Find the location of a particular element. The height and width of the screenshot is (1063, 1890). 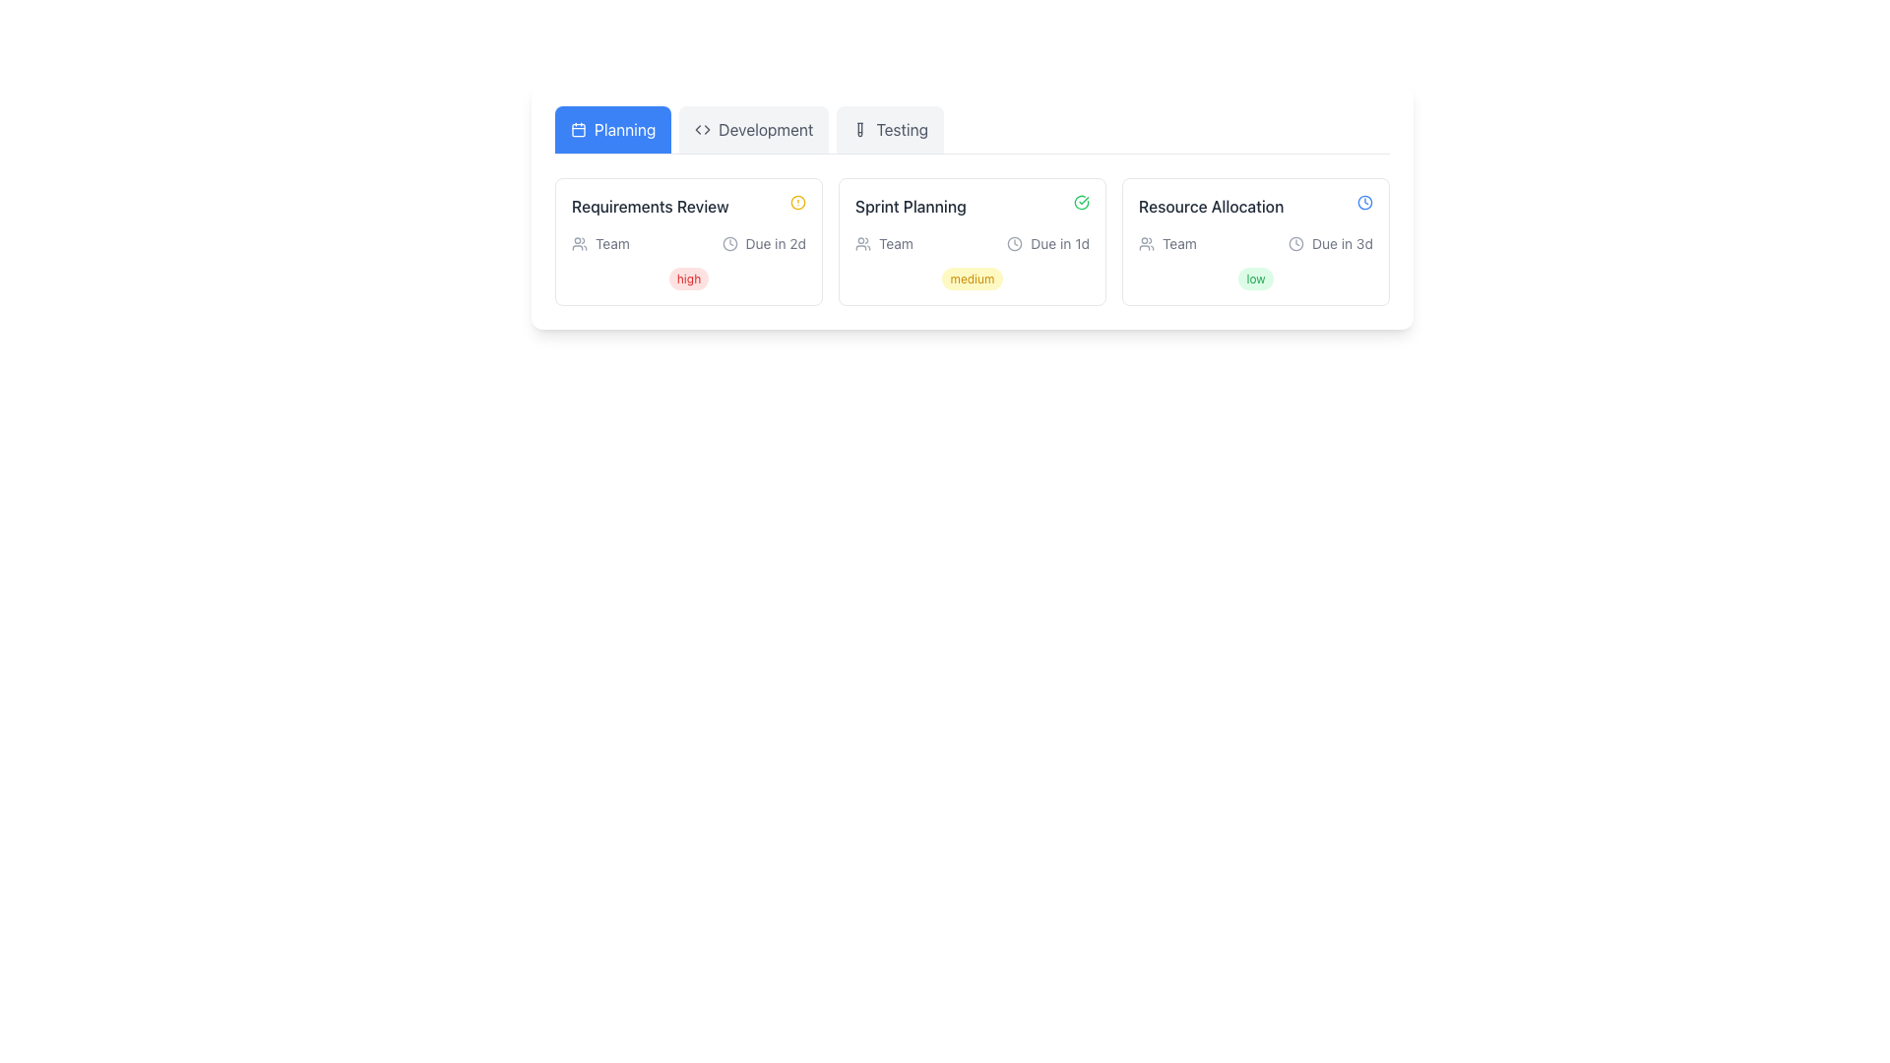

the 'Resource Allocation' task card located in the 'Planning' section is located at coordinates (1255, 241).